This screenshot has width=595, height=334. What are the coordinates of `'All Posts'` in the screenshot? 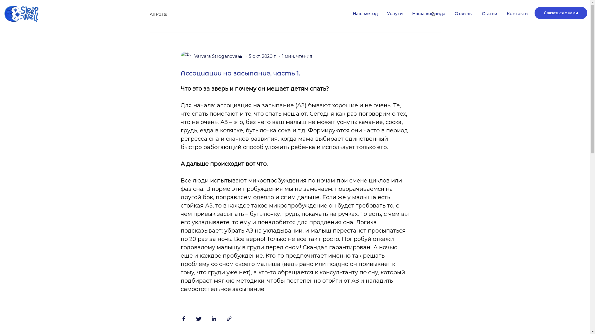 It's located at (158, 14).